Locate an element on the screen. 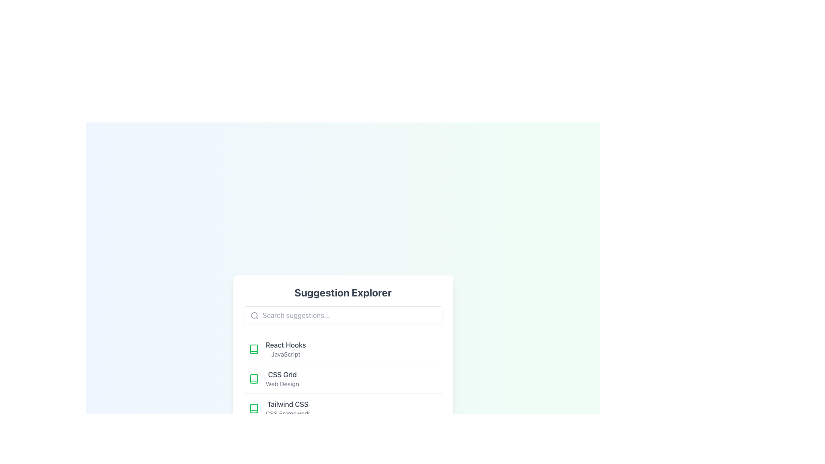 This screenshot has width=825, height=464. the clickable list item displaying 'CSS Grid' and 'Web Design' in the 'Suggestion Explorer' menu is located at coordinates (342, 378).